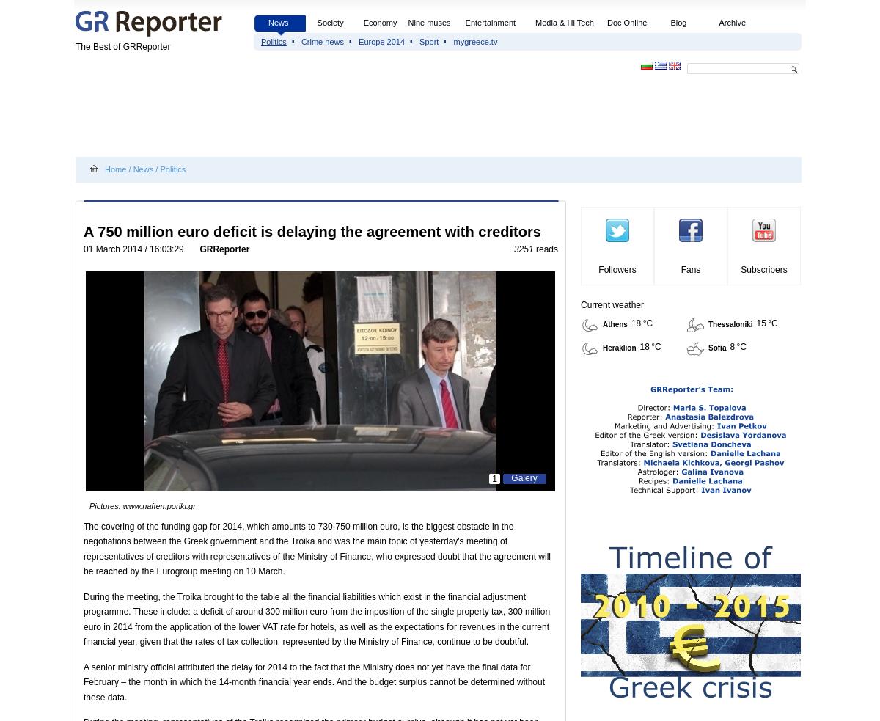 Image resolution: width=880 pixels, height=721 pixels. I want to click on '1', so click(492, 479).